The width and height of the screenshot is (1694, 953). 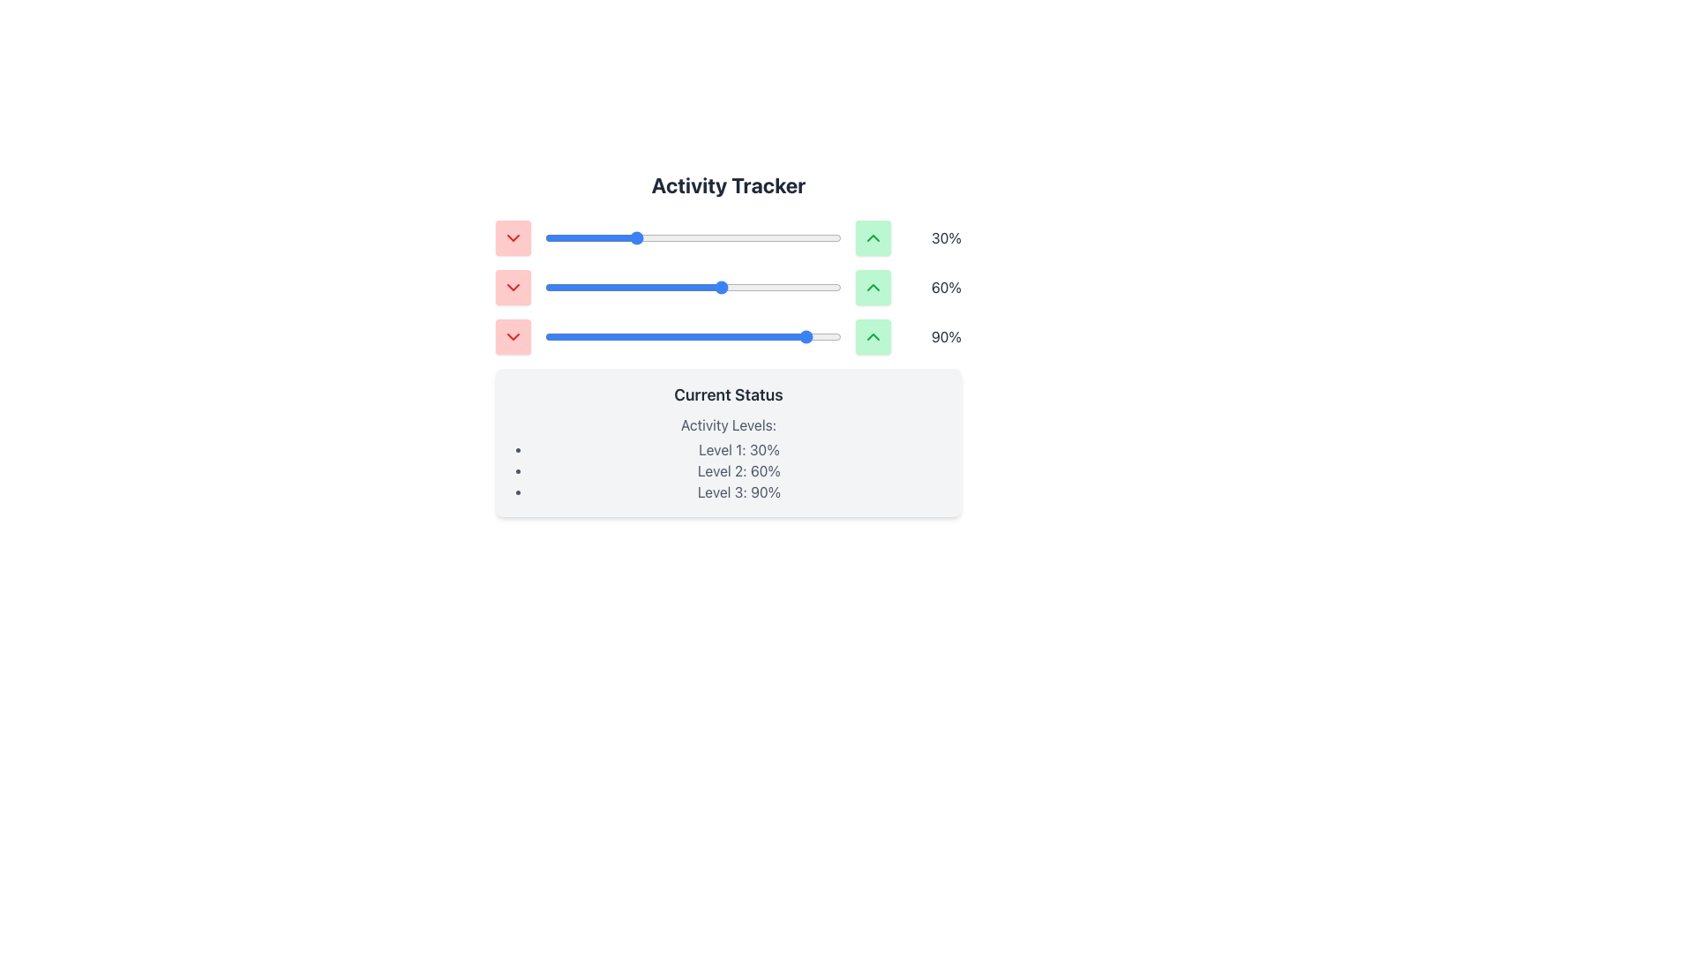 I want to click on the slider value, so click(x=701, y=336).